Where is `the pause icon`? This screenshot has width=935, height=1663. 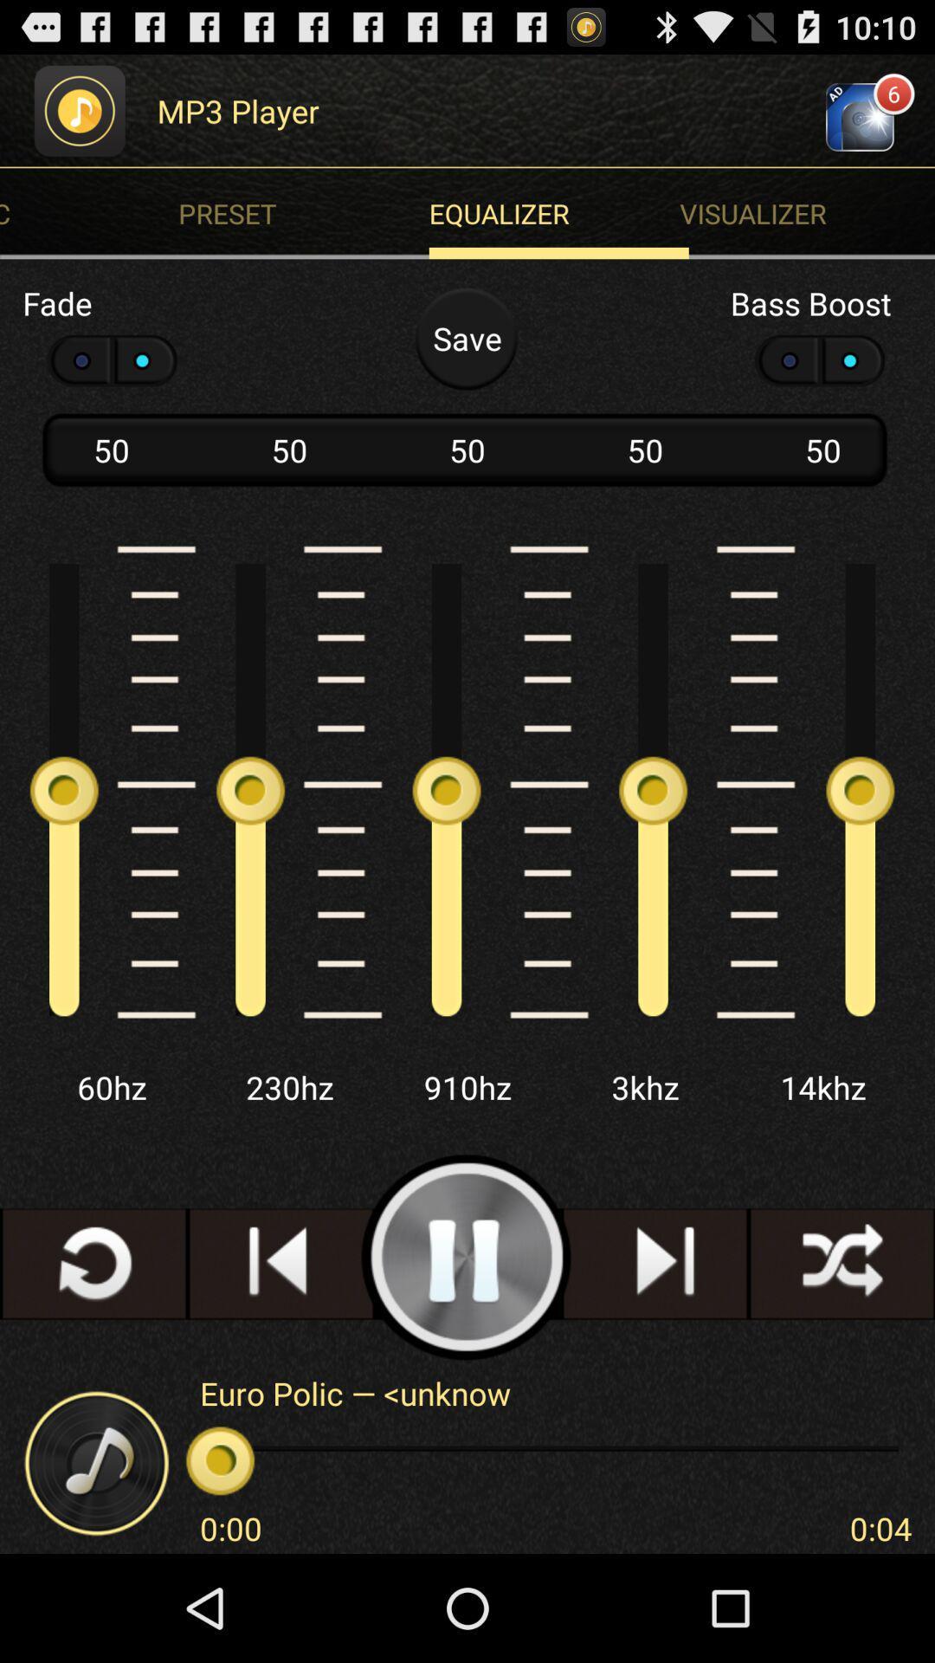 the pause icon is located at coordinates (466, 1345).